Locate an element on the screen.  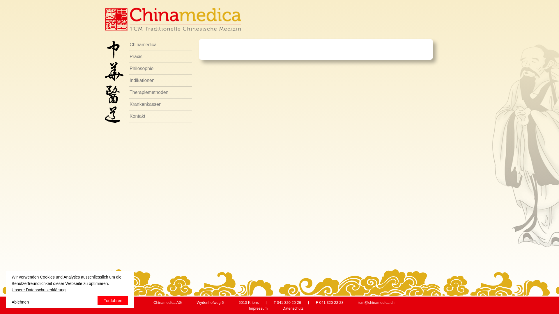
'Impressum' is located at coordinates (258, 308).